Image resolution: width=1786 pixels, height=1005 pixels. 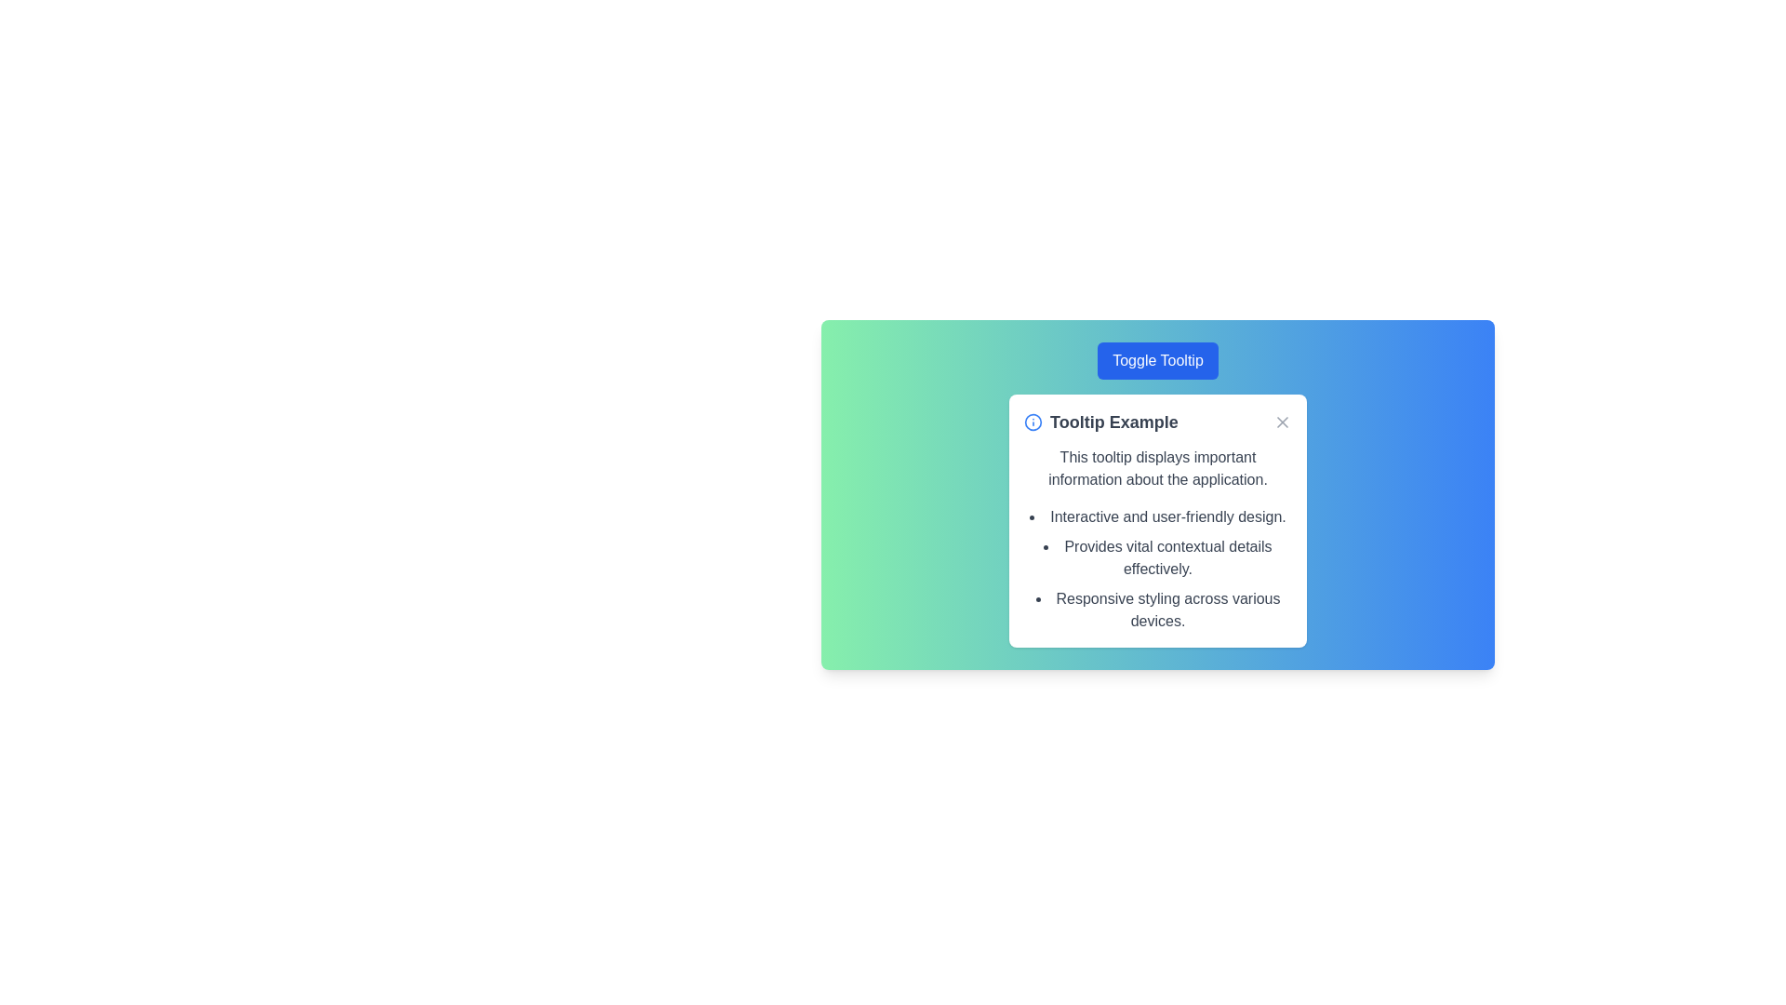 I want to click on context from the 'Tooltip Example' header, which includes an information icon and a close button on the right, so click(x=1156, y=422).